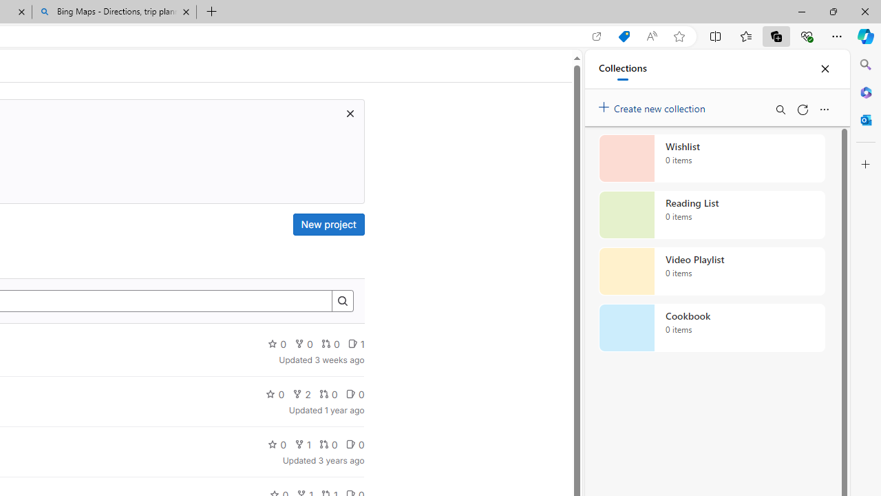 This screenshot has height=496, width=881. What do you see at coordinates (712, 327) in the screenshot?
I see `'Cookbook collection, 0 items'` at bounding box center [712, 327].